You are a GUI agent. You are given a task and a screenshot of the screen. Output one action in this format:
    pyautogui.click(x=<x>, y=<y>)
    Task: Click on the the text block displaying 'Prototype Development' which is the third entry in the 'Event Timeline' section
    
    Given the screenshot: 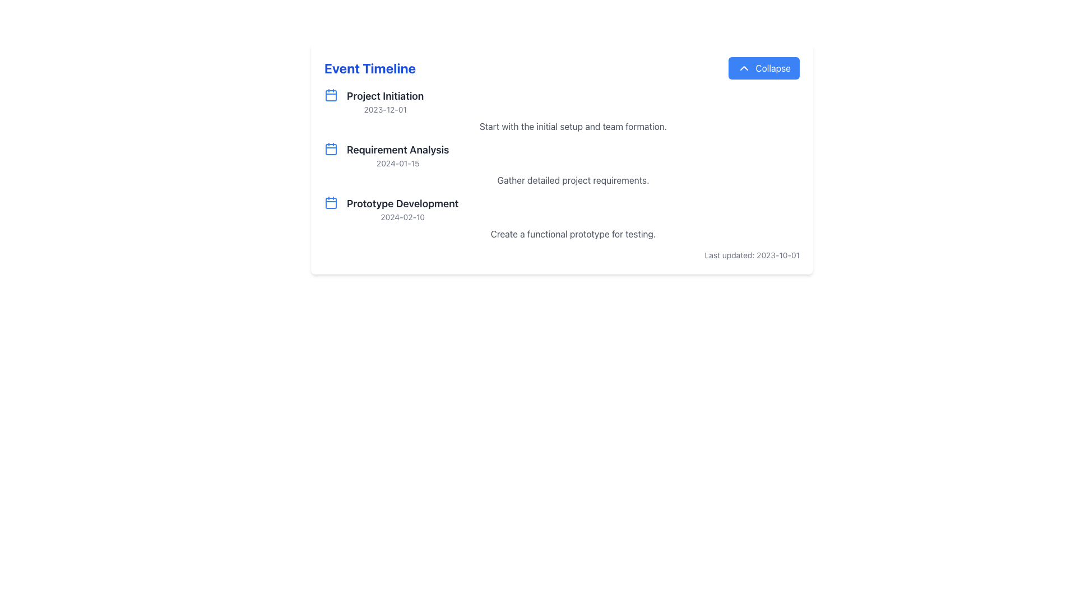 What is the action you would take?
    pyautogui.click(x=402, y=210)
    